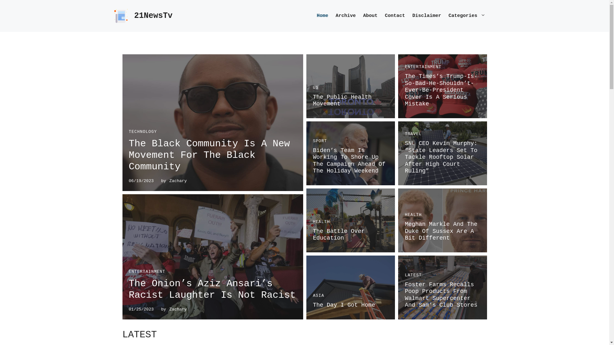  Describe the element at coordinates (316, 88) in the screenshot. I see `'US'` at that location.